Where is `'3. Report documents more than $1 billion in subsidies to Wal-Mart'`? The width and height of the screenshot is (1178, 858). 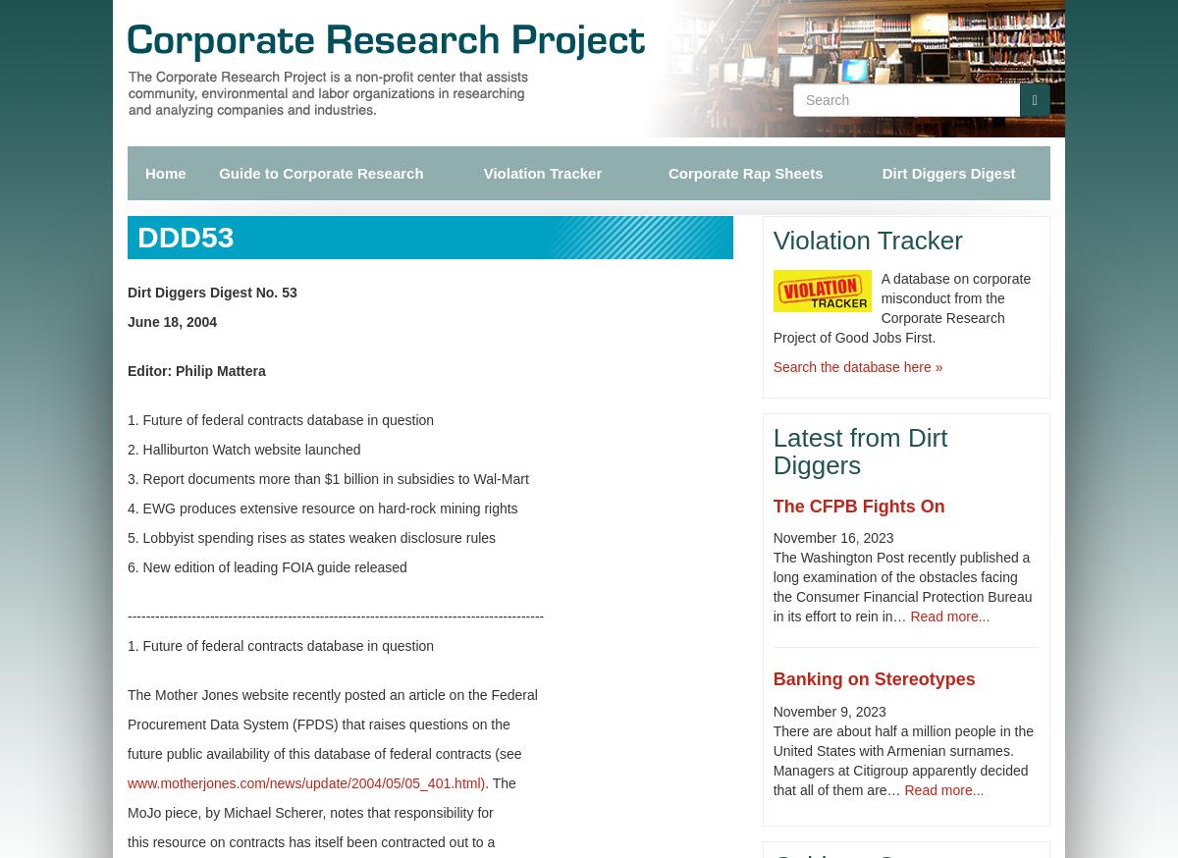
'3. Report documents more than $1 billion in subsidies to Wal-Mart' is located at coordinates (327, 478).